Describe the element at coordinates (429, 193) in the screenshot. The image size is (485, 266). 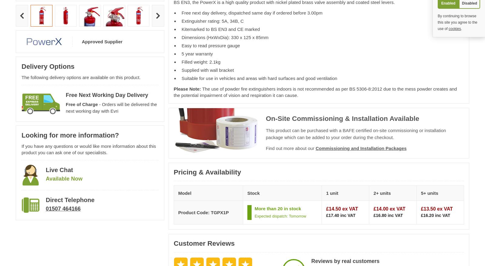
I see `'5+ units'` at that location.